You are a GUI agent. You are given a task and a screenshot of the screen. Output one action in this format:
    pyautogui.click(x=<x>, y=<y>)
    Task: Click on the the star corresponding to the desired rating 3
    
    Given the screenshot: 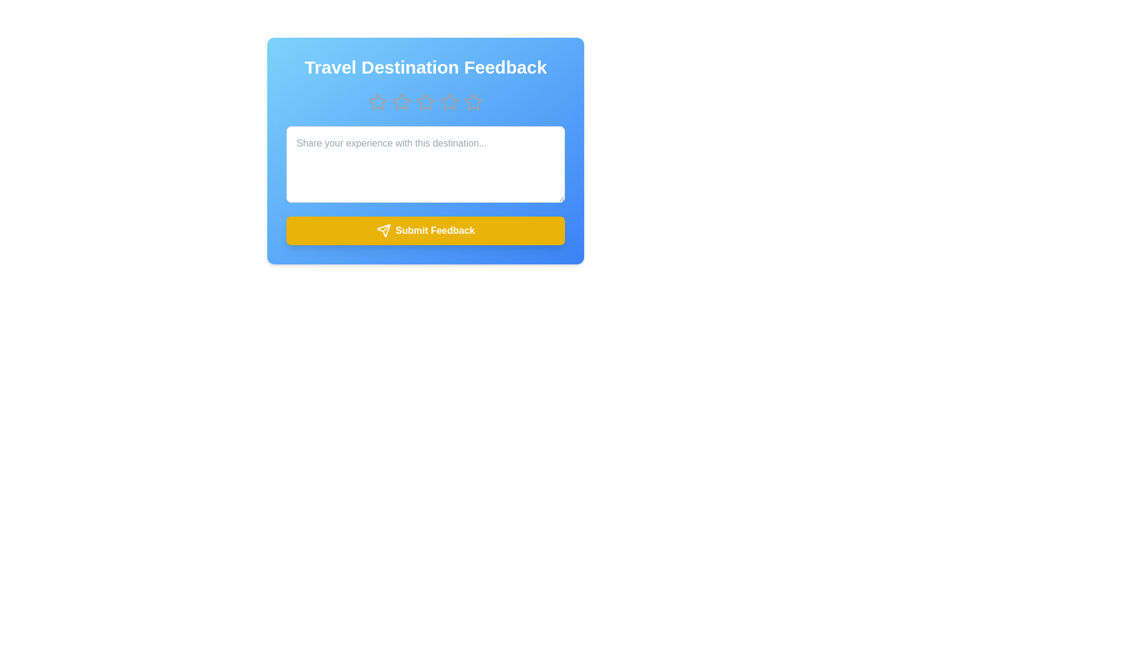 What is the action you would take?
    pyautogui.click(x=425, y=101)
    